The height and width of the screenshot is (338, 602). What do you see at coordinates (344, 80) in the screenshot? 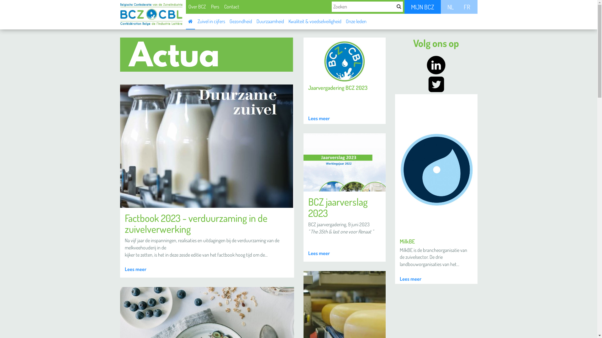
I see `'Jaarvergadering BCZ 2023` at bounding box center [344, 80].